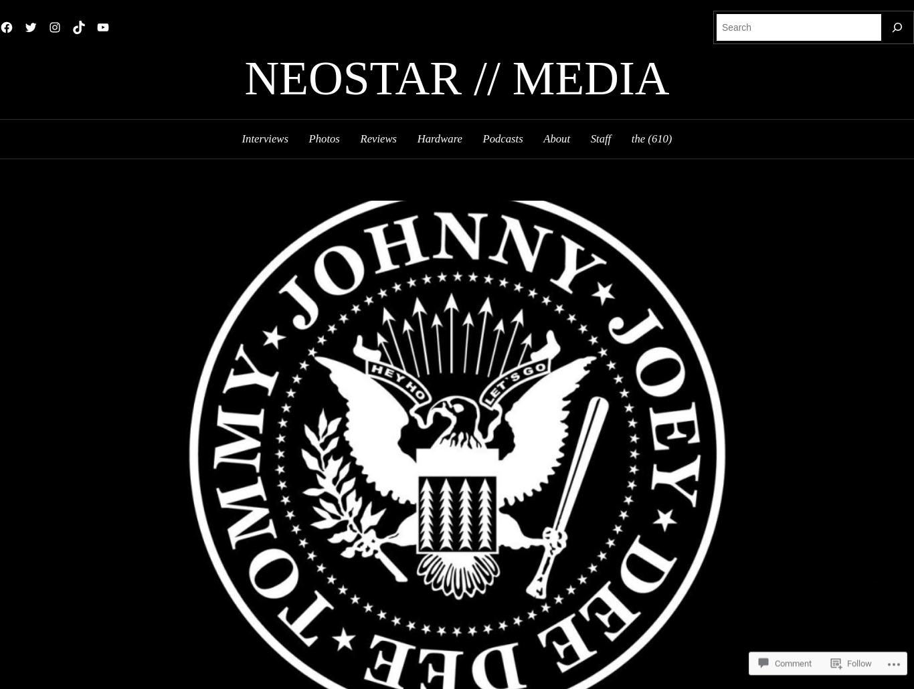  Describe the element at coordinates (416, 138) in the screenshot. I see `'Hardware'` at that location.